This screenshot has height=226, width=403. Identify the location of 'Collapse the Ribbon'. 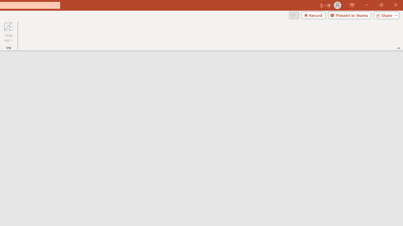
(399, 48).